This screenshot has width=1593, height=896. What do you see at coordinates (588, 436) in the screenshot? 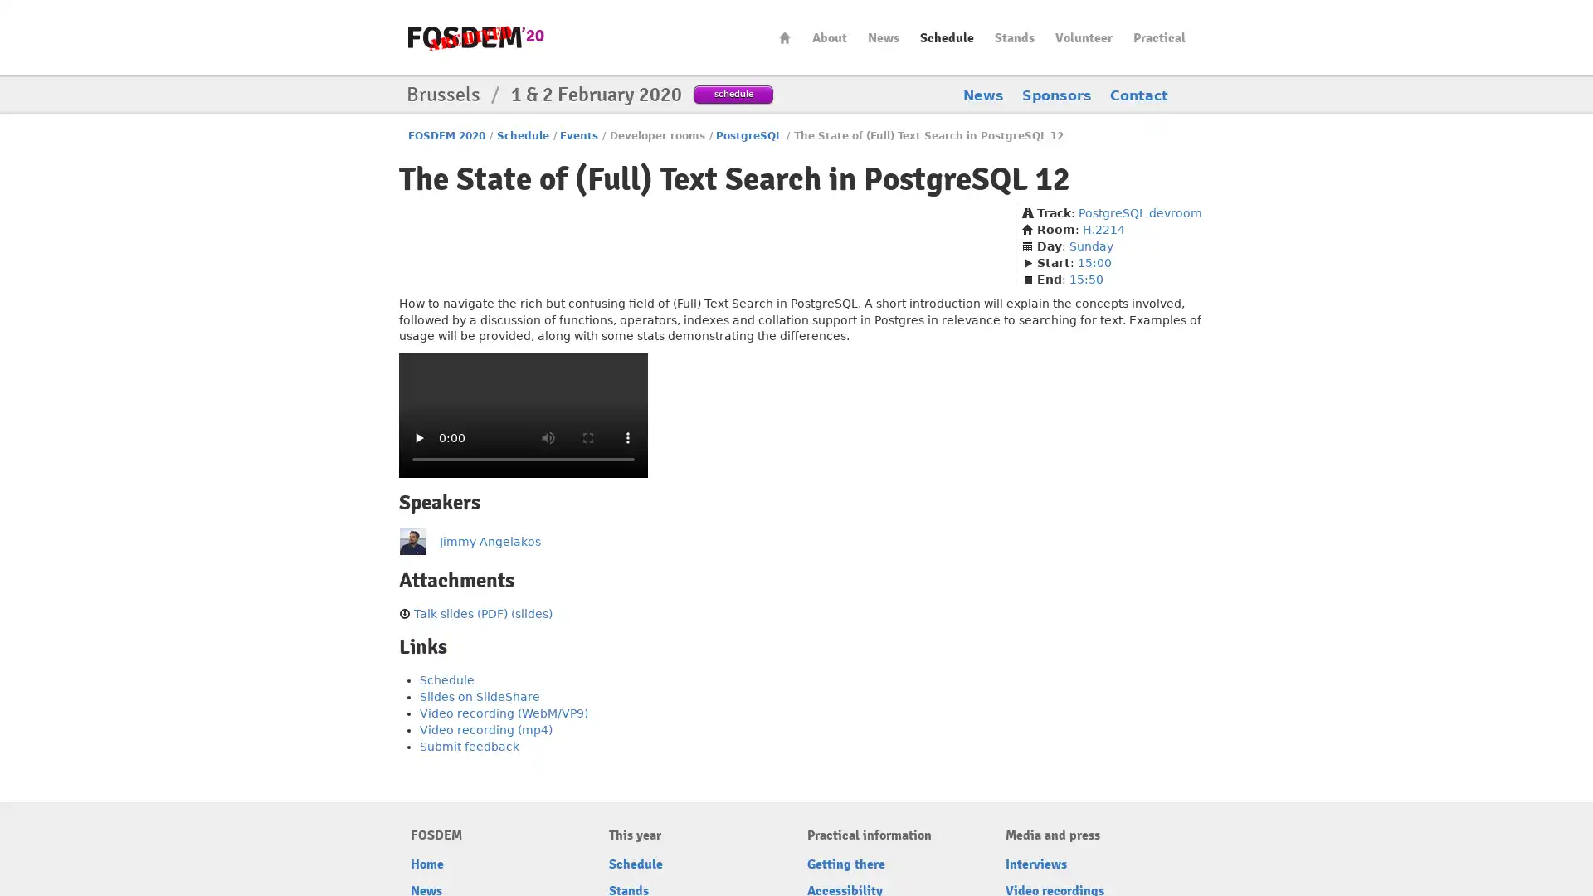
I see `enter full screen` at bounding box center [588, 436].